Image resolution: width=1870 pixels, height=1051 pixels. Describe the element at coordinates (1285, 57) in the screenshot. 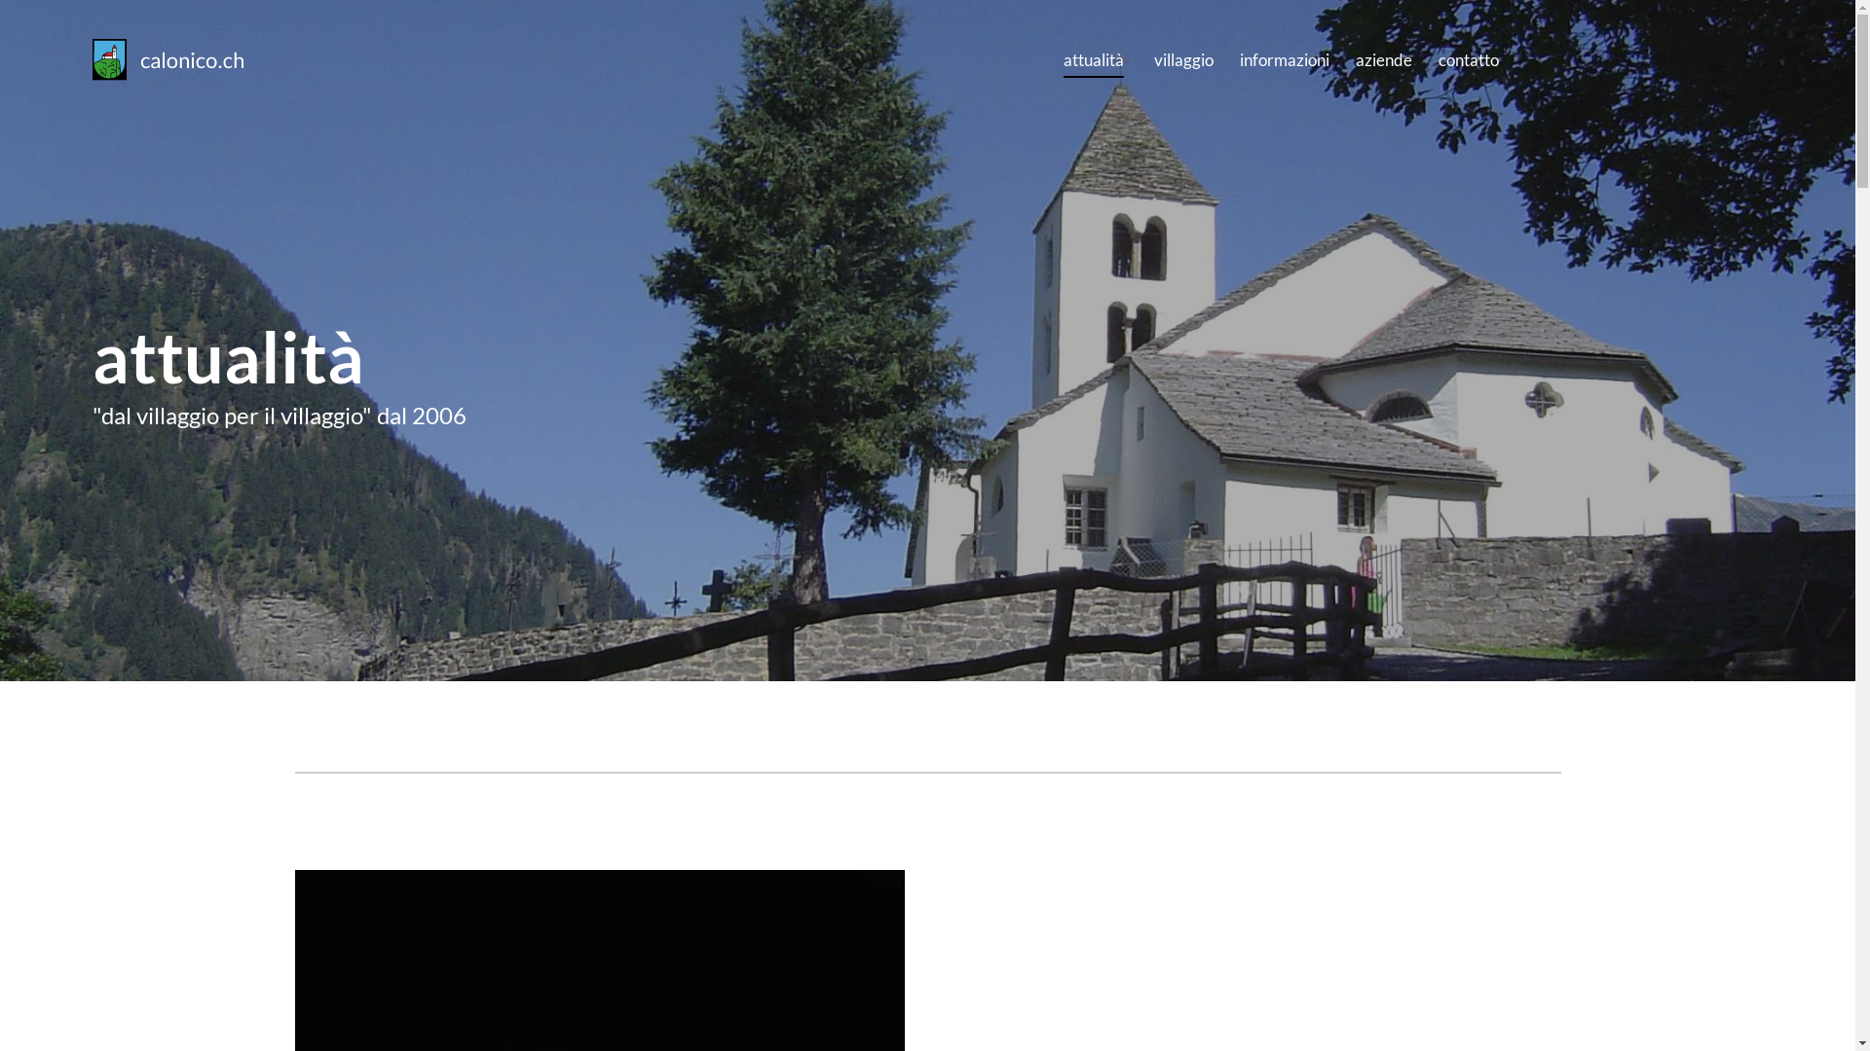

I see `'informazioni'` at that location.